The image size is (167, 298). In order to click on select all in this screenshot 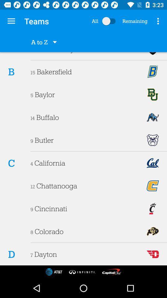, I will do `click(110, 21)`.